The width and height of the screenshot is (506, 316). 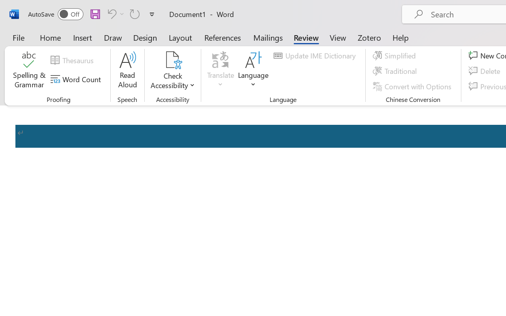 I want to click on 'Undo Apply Quick Style Set', so click(x=110, y=13).